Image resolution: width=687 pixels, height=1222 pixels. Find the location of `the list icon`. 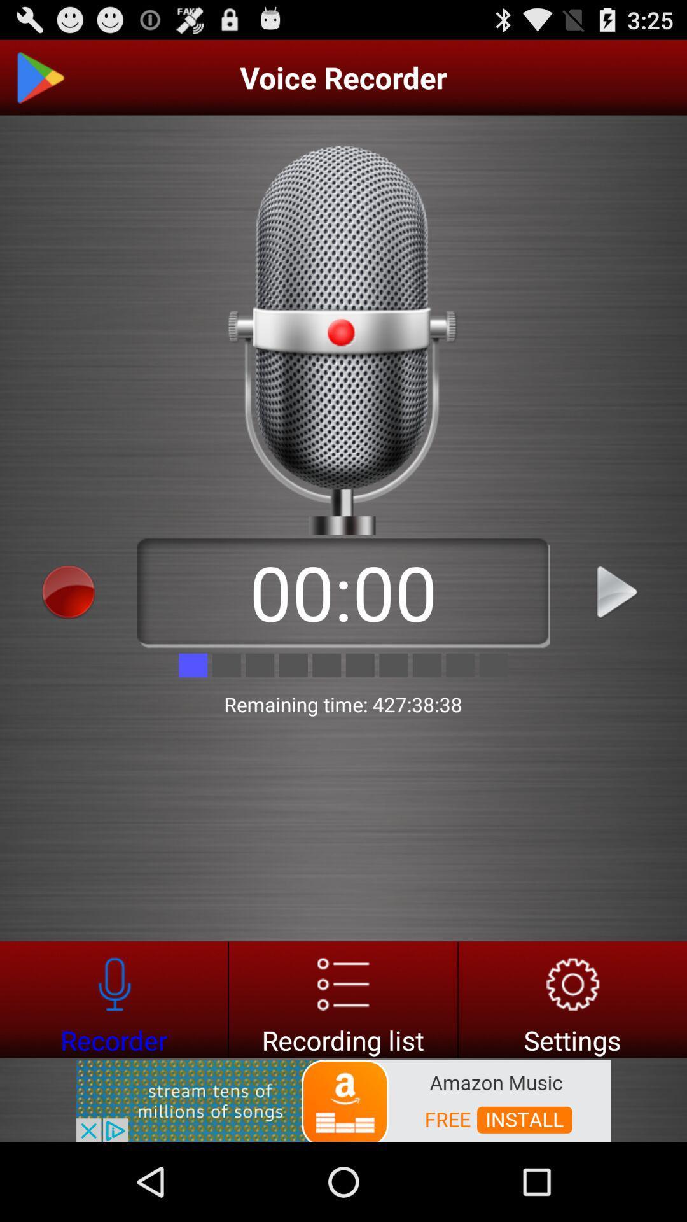

the list icon is located at coordinates (342, 1069).